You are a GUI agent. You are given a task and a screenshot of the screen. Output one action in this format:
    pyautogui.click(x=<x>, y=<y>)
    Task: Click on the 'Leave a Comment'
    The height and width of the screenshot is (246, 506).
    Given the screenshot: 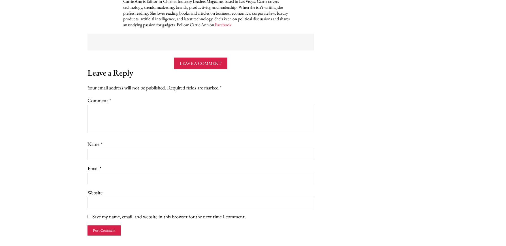 What is the action you would take?
    pyautogui.click(x=200, y=63)
    